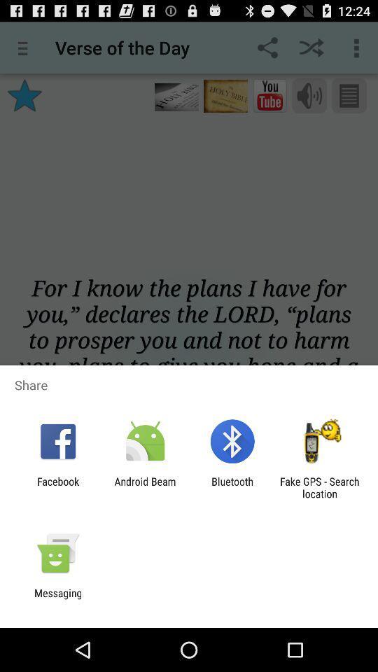  What do you see at coordinates (232, 487) in the screenshot?
I see `app to the right of android beam item` at bounding box center [232, 487].